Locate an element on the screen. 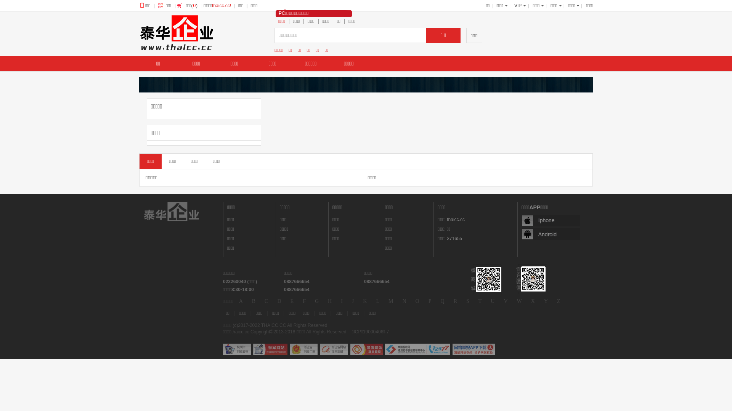 The width and height of the screenshot is (732, 411). 'T' is located at coordinates (480, 301).